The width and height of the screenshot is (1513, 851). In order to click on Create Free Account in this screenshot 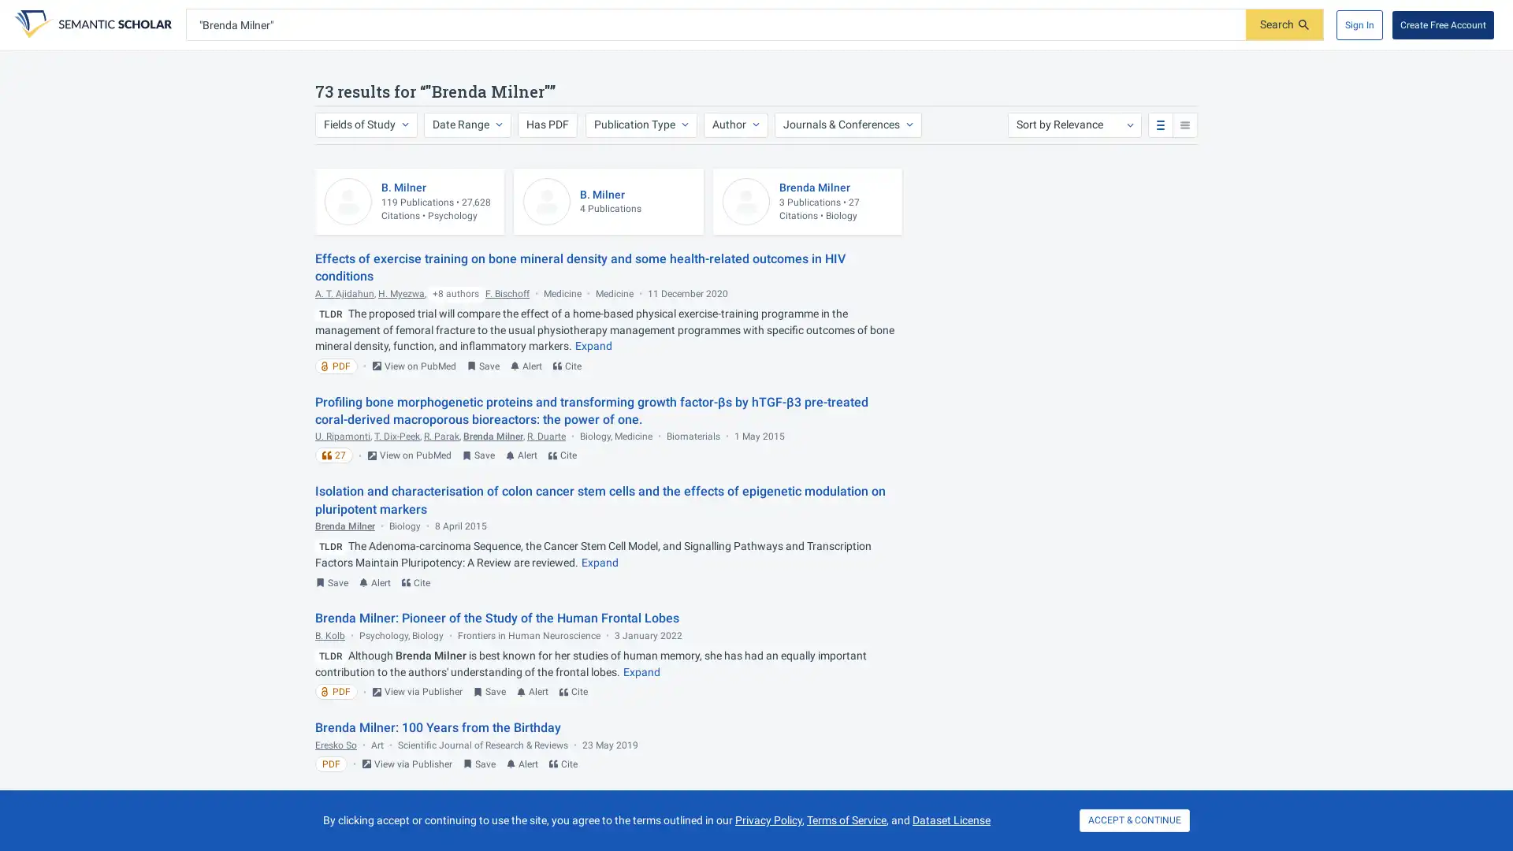, I will do `click(1443, 24)`.